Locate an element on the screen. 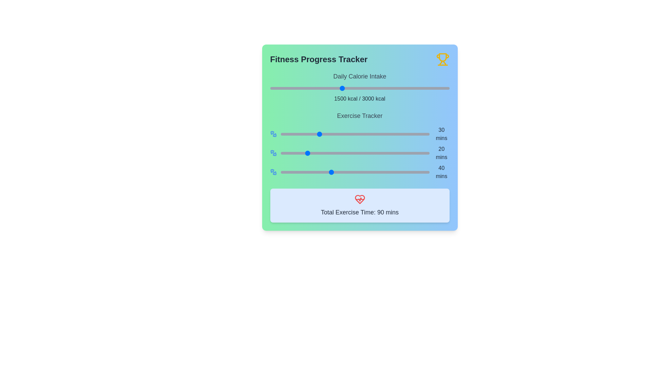 The image size is (652, 367). the exercise duration is located at coordinates (285, 172).